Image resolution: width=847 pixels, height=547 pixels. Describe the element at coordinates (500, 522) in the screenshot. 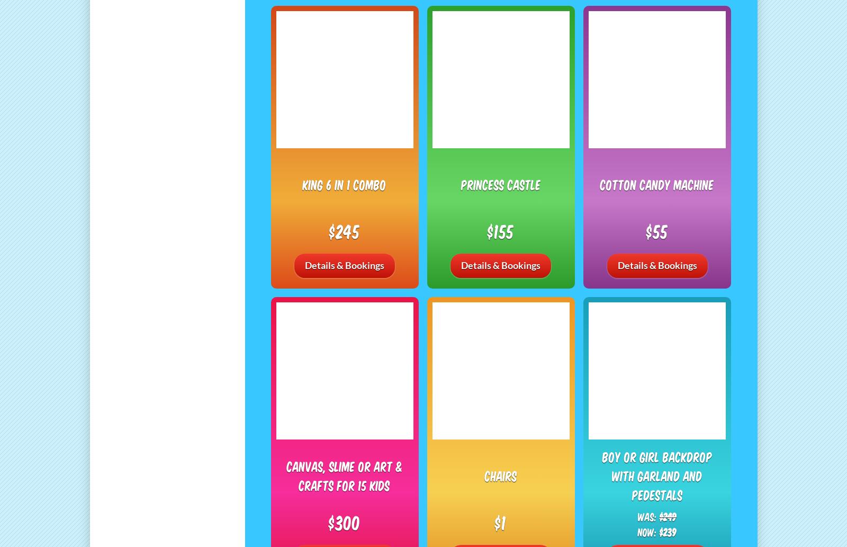

I see `'$1'` at that location.